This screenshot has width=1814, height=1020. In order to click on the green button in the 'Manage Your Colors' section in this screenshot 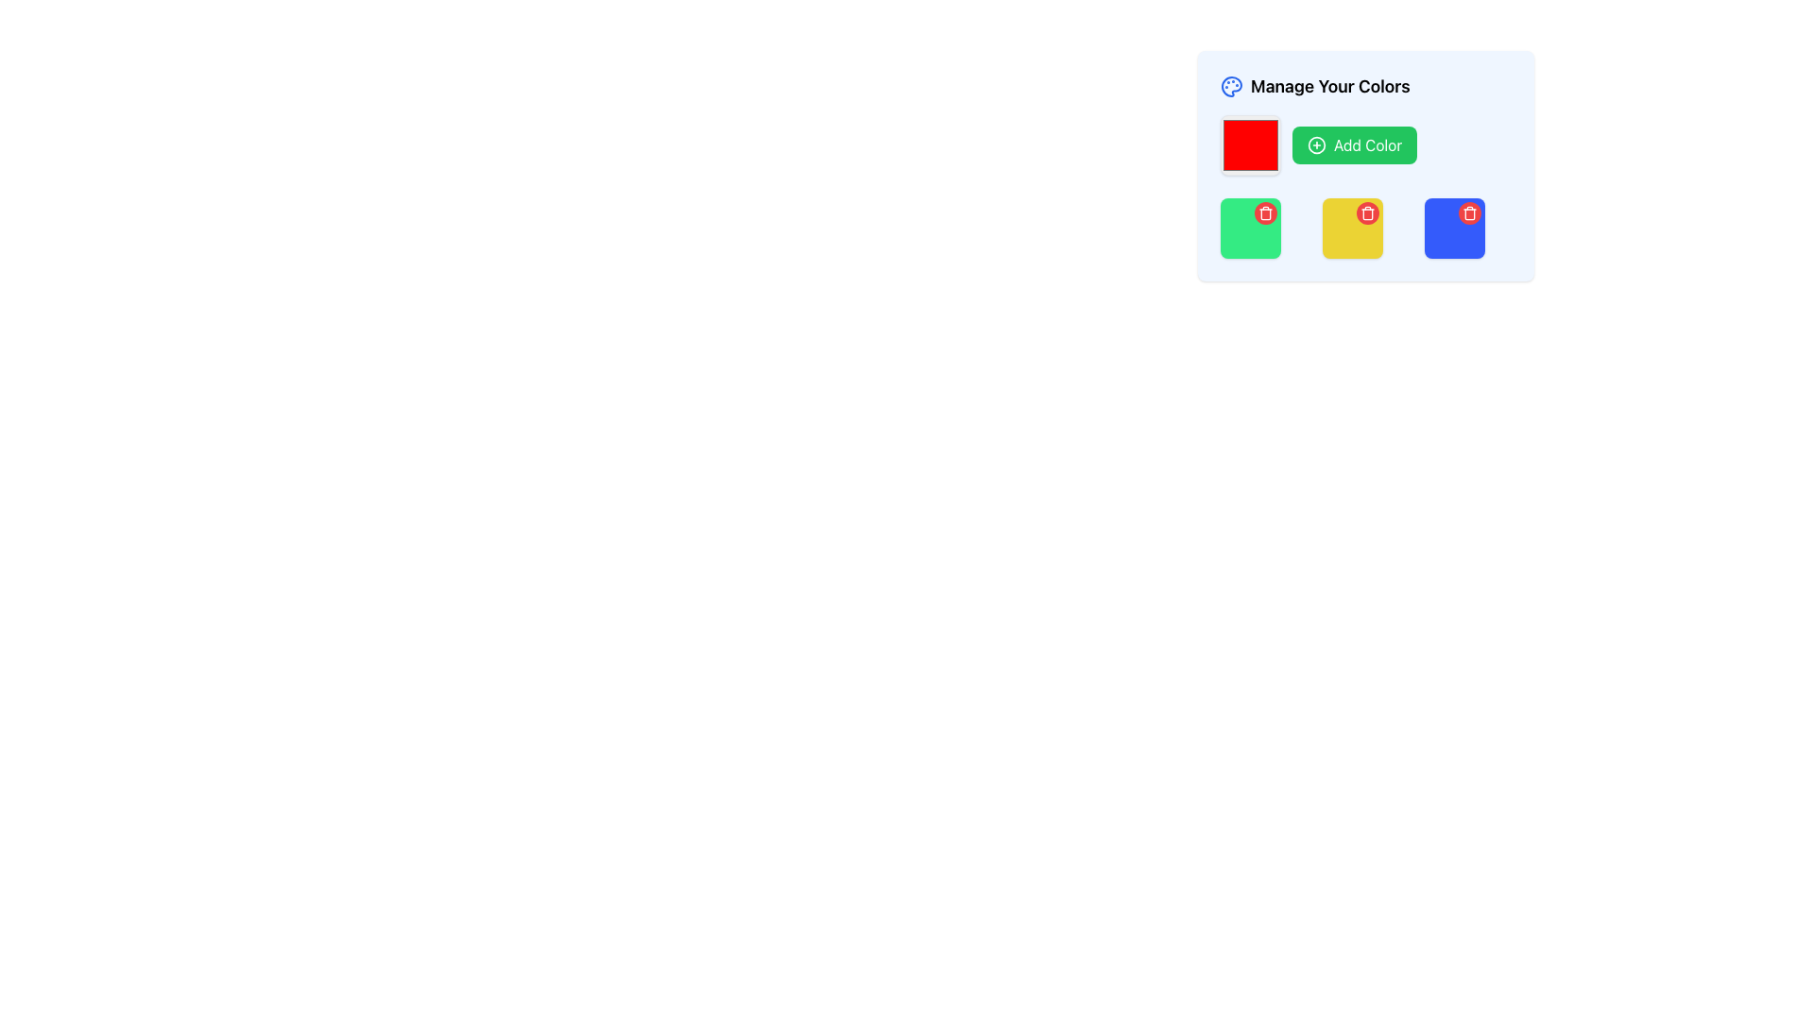, I will do `click(1365, 144)`.